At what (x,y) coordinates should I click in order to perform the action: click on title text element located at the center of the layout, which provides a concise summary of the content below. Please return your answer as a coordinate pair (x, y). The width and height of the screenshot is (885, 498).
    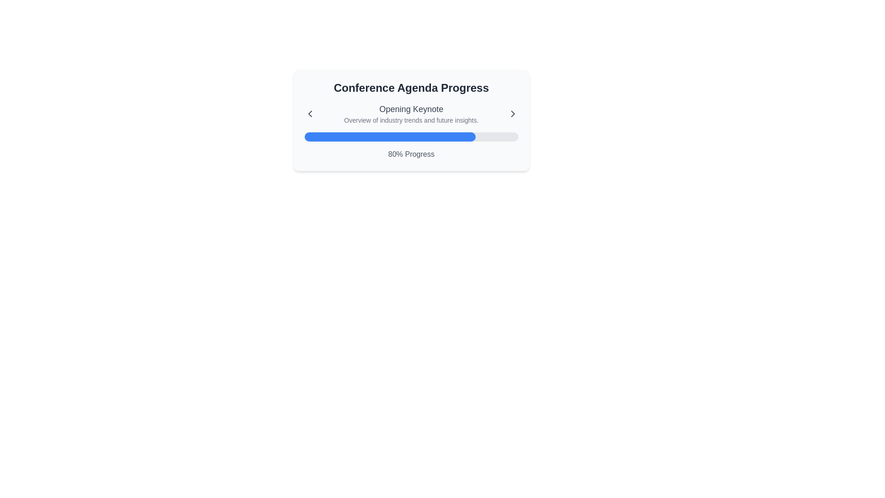
    Looking at the image, I should click on (411, 108).